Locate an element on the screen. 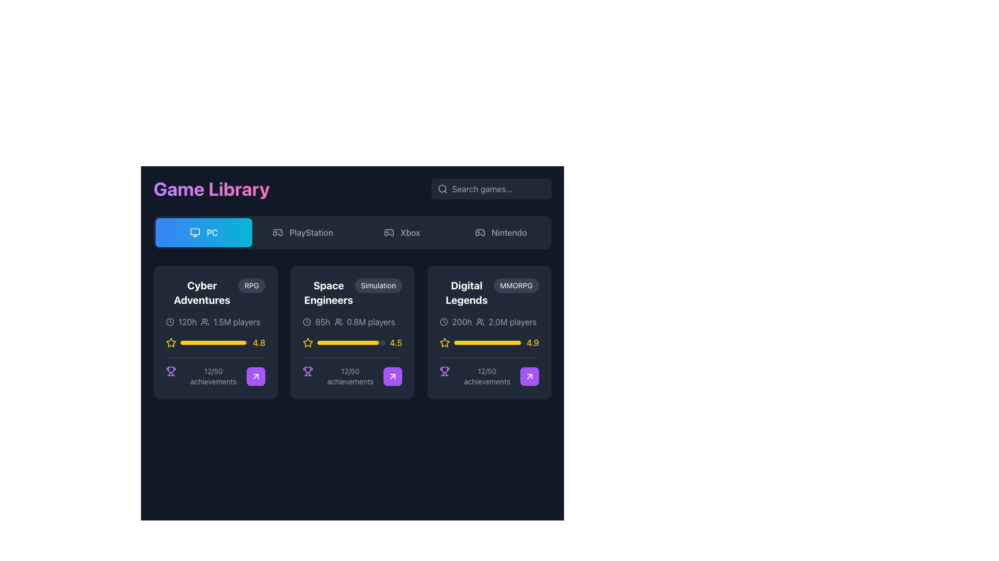 This screenshot has width=999, height=561. the interactive purple button with an arrow icon located at the bottom-right corner of the 'Cyber Adventures' game statistics card to observe its hover effects is located at coordinates (255, 377).